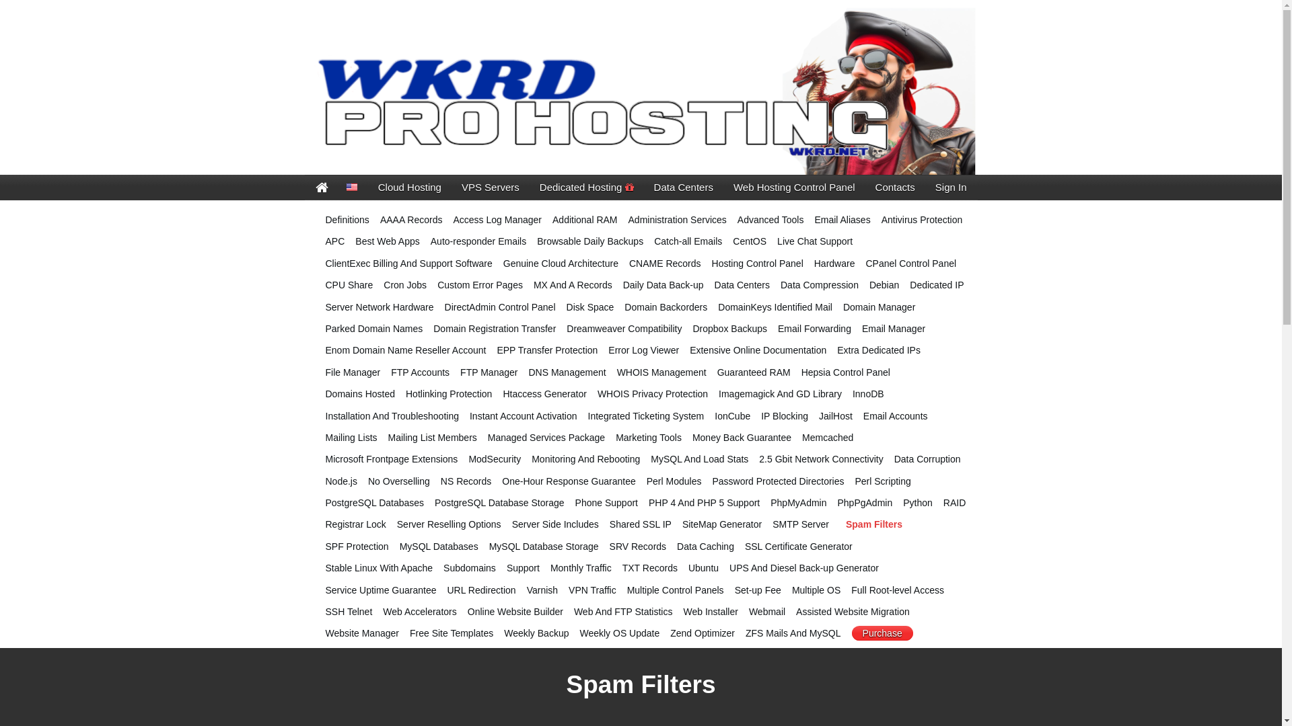 The width and height of the screenshot is (1292, 726). Describe the element at coordinates (703, 567) in the screenshot. I see `'Ubuntu'` at that location.